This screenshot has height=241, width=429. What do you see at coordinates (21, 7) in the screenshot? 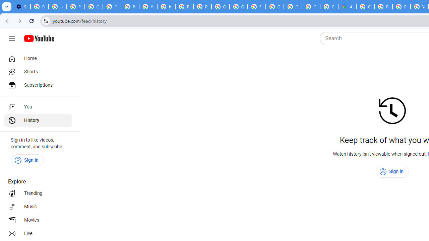
I see `'Settings - On startup'` at bounding box center [21, 7].